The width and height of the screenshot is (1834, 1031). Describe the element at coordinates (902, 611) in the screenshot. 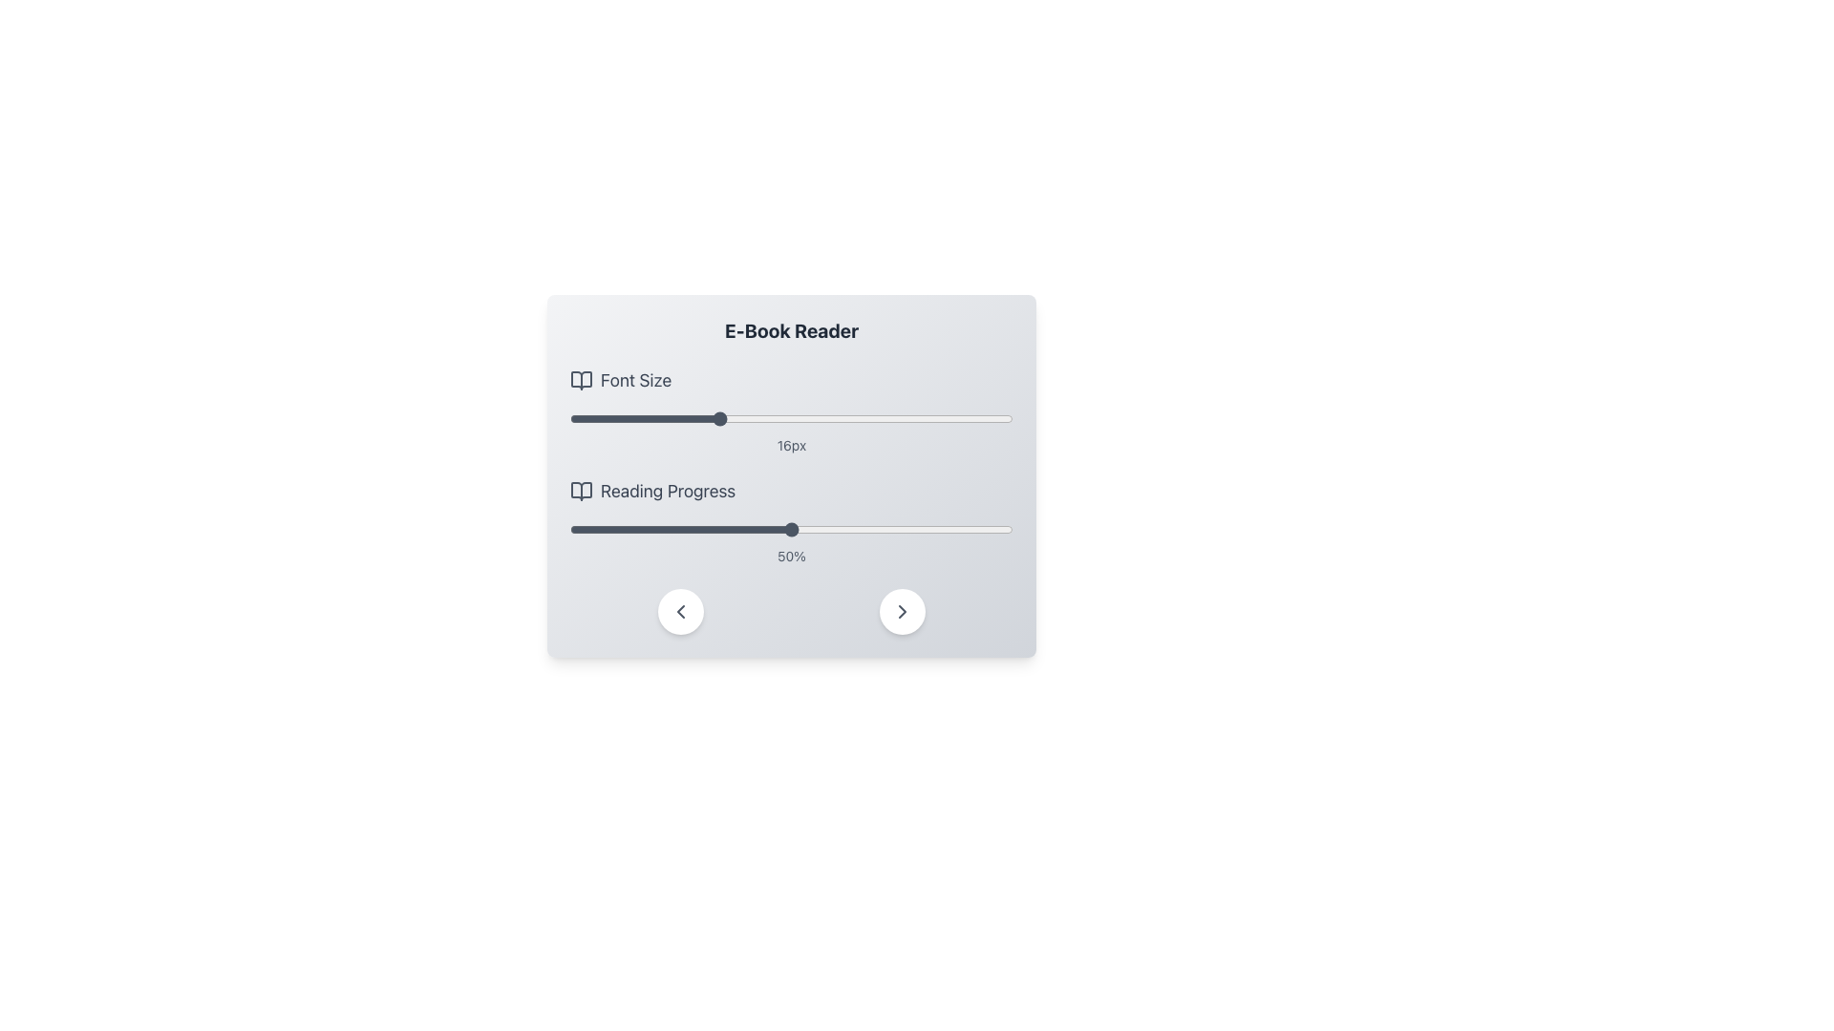

I see `the right-pointing chevron arrow icon located at the bottom-right corner of the central card-like widget` at that location.